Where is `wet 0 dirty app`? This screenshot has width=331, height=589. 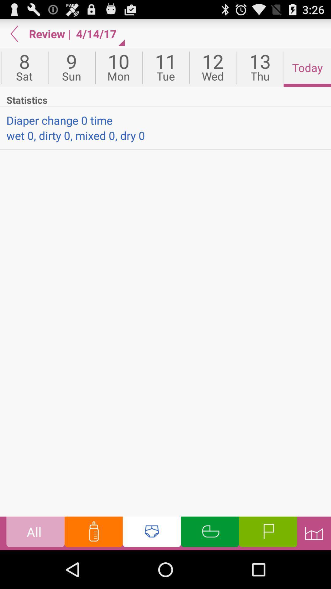
wet 0 dirty app is located at coordinates (165, 135).